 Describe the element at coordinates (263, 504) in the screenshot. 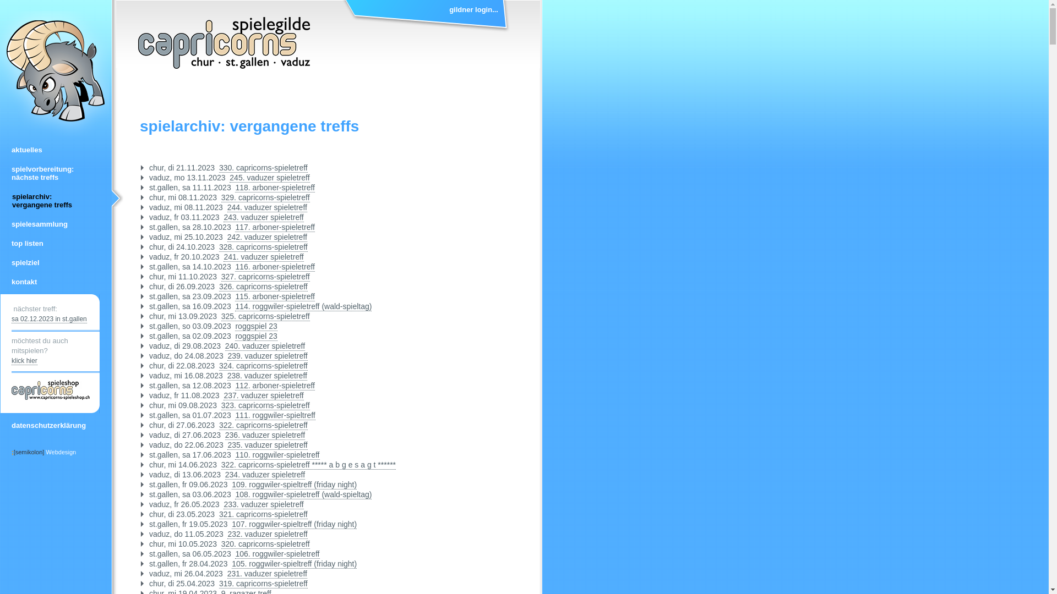

I see `'233. vaduzer spieletreff'` at that location.